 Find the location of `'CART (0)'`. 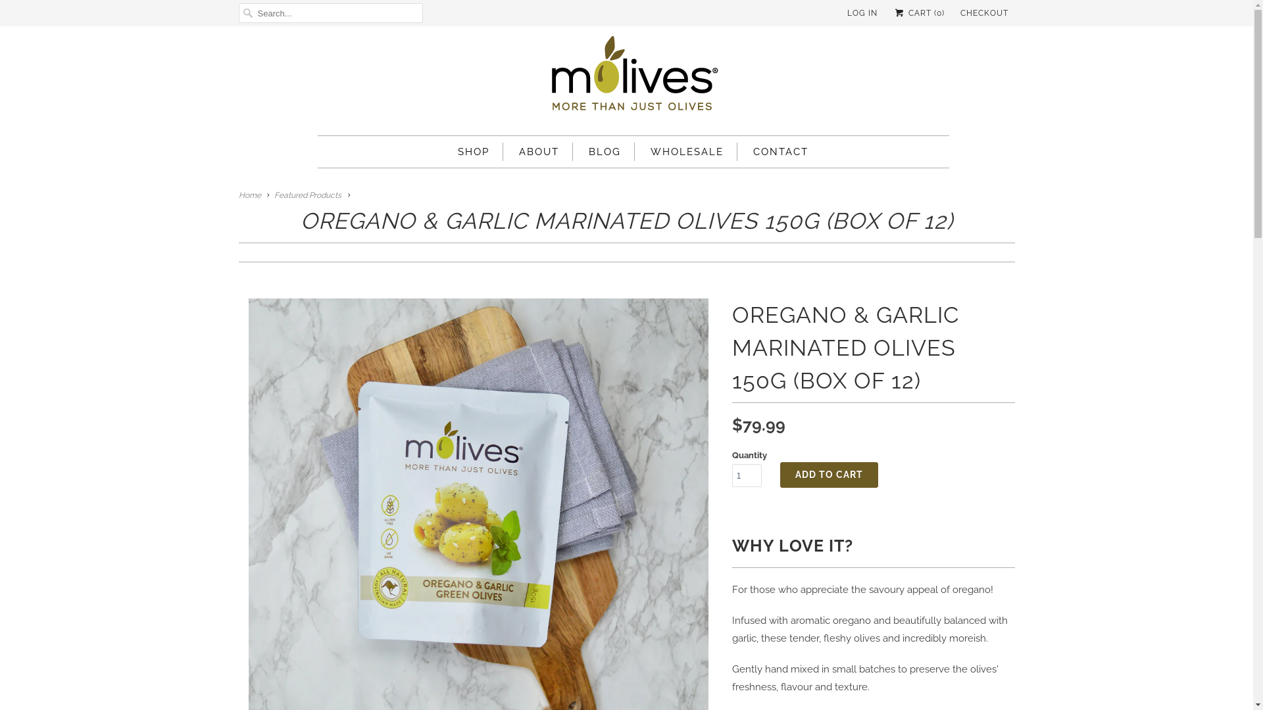

'CART (0)' is located at coordinates (918, 12).